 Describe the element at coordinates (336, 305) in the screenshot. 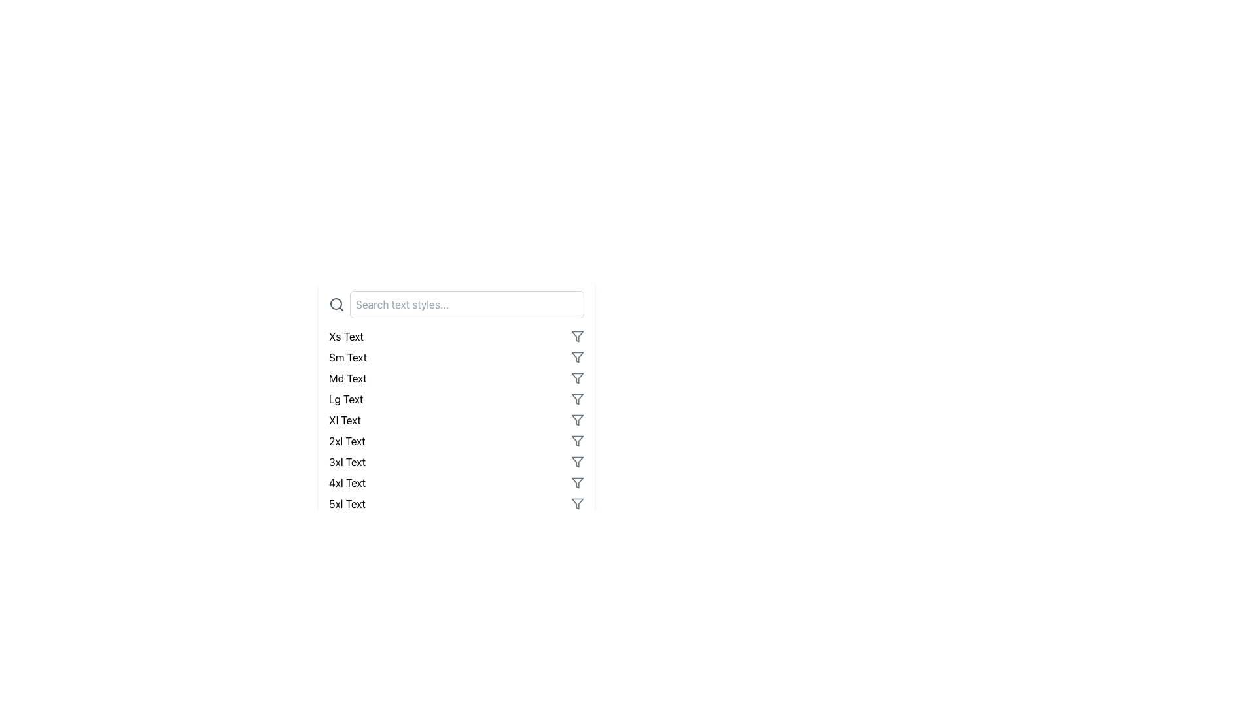

I see `the search icon located in the top-left corner of the search bar, which signifies the search functionality for the input field labeled 'Search text styles...'` at that location.